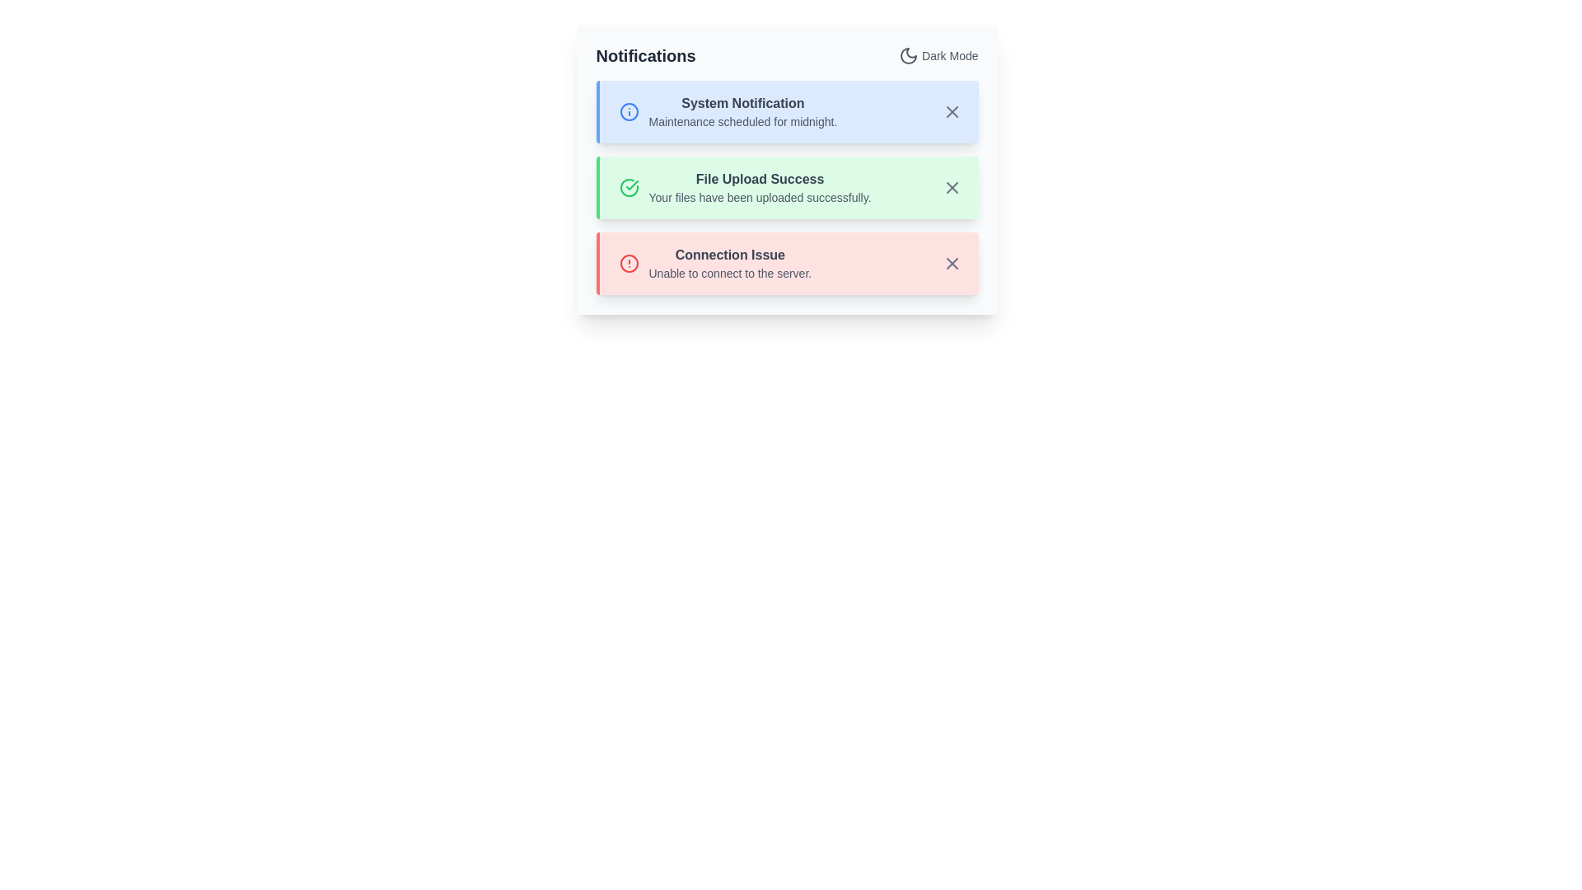  I want to click on the text label that displays additional descriptive information for the 'System Notification' about the scheduled maintenance, located directly below the 'System Notification' text in the blue notification box, so click(742, 120).